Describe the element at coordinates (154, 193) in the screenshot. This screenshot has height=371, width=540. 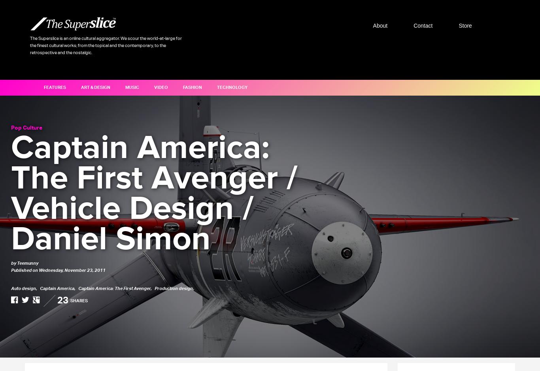
I see `'Captain America: The First Avenger / Vehicle Design / Daniel Simon'` at that location.